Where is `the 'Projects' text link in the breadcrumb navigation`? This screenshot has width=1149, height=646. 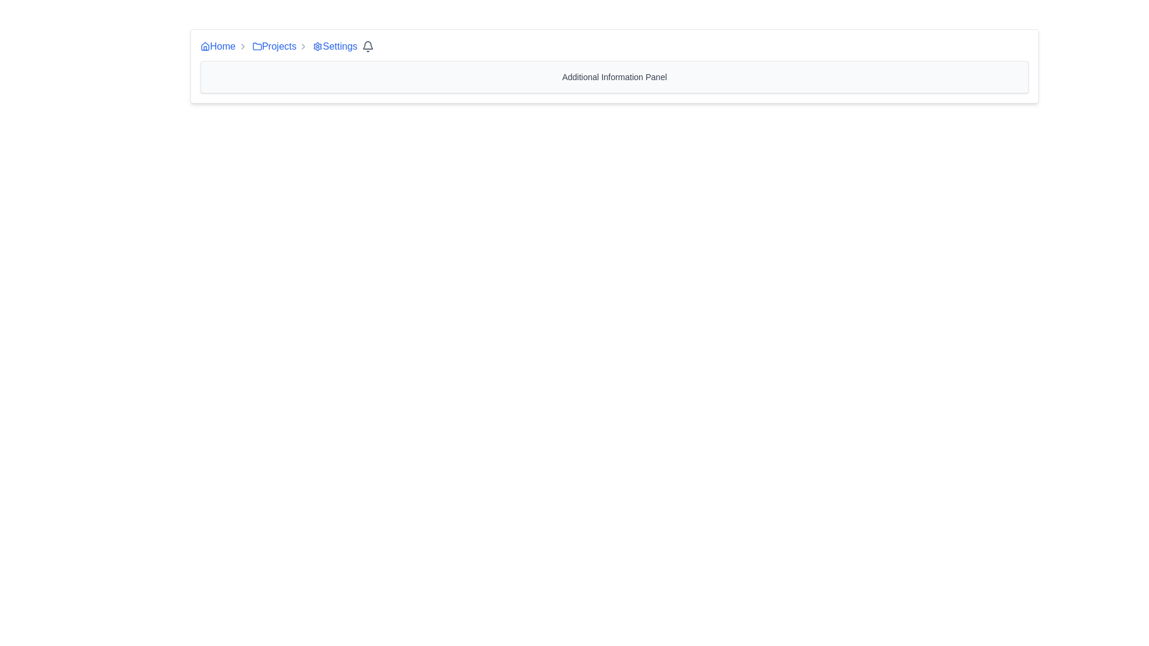 the 'Projects' text link in the breadcrumb navigation is located at coordinates (278, 45).